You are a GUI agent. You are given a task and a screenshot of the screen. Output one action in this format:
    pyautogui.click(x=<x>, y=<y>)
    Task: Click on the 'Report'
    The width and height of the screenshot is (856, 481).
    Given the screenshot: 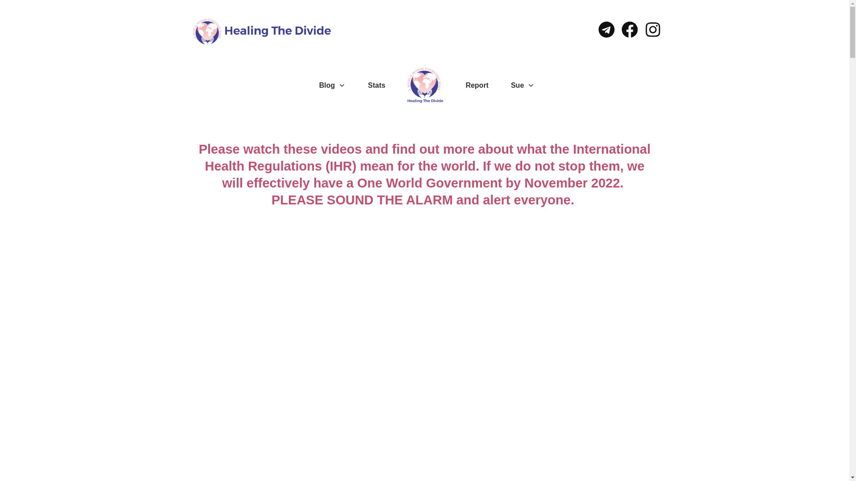 What is the action you would take?
    pyautogui.click(x=477, y=86)
    